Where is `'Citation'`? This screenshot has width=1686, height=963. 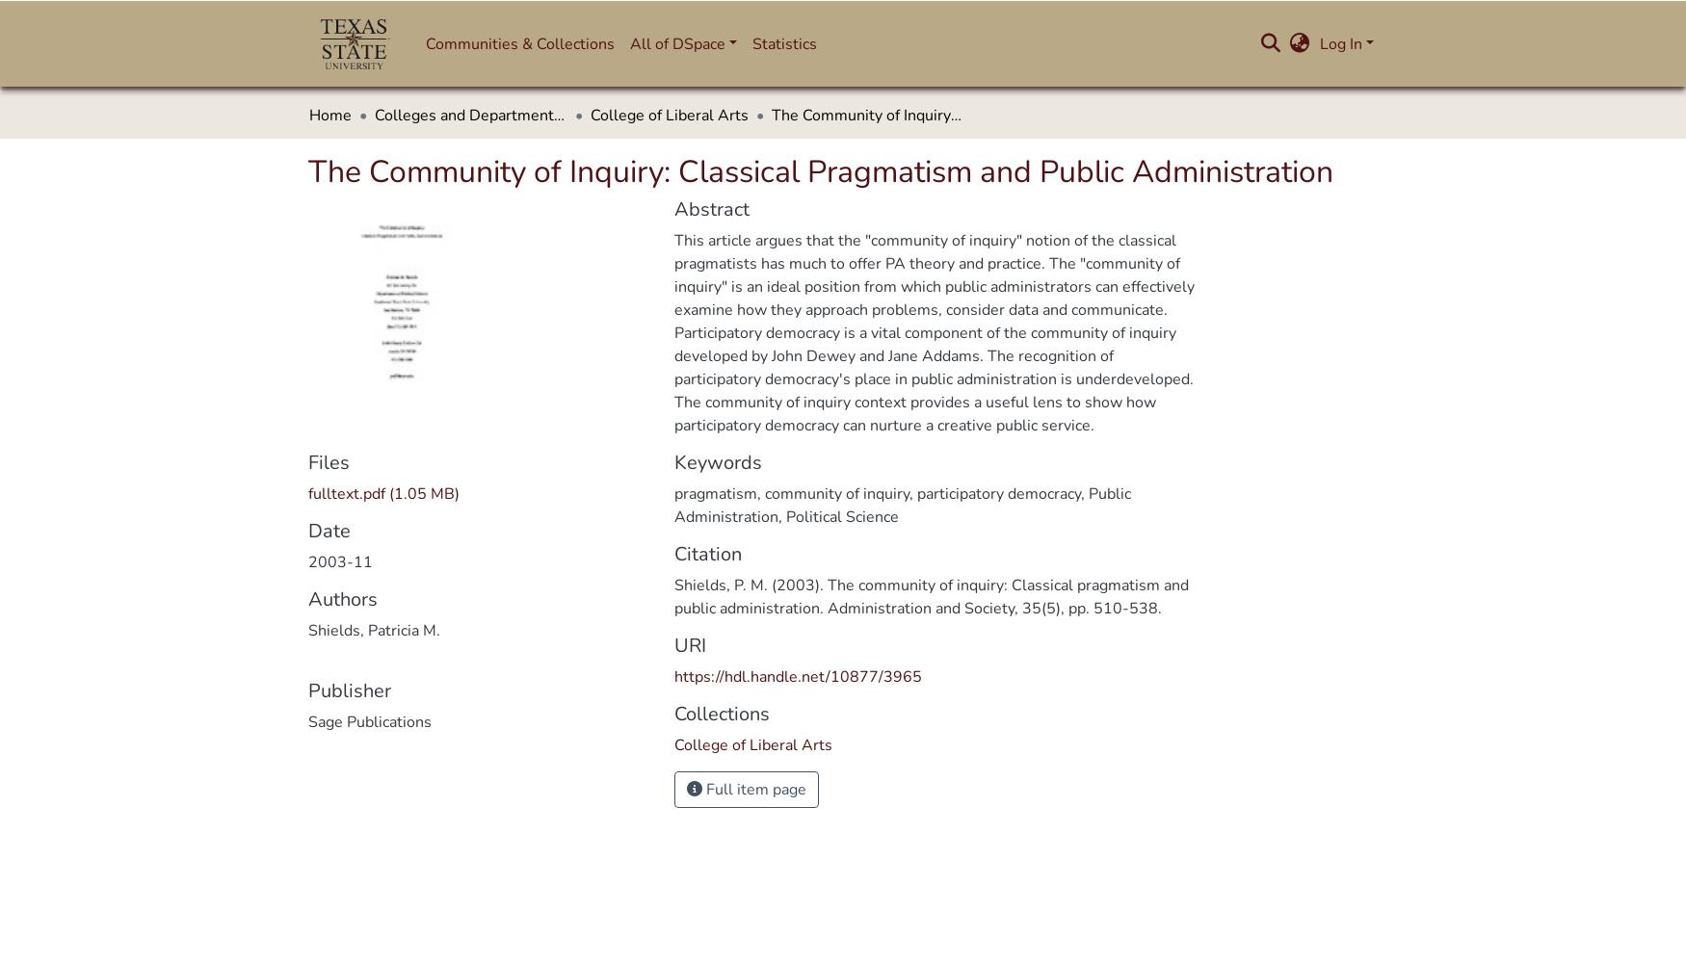
'Citation' is located at coordinates (708, 553).